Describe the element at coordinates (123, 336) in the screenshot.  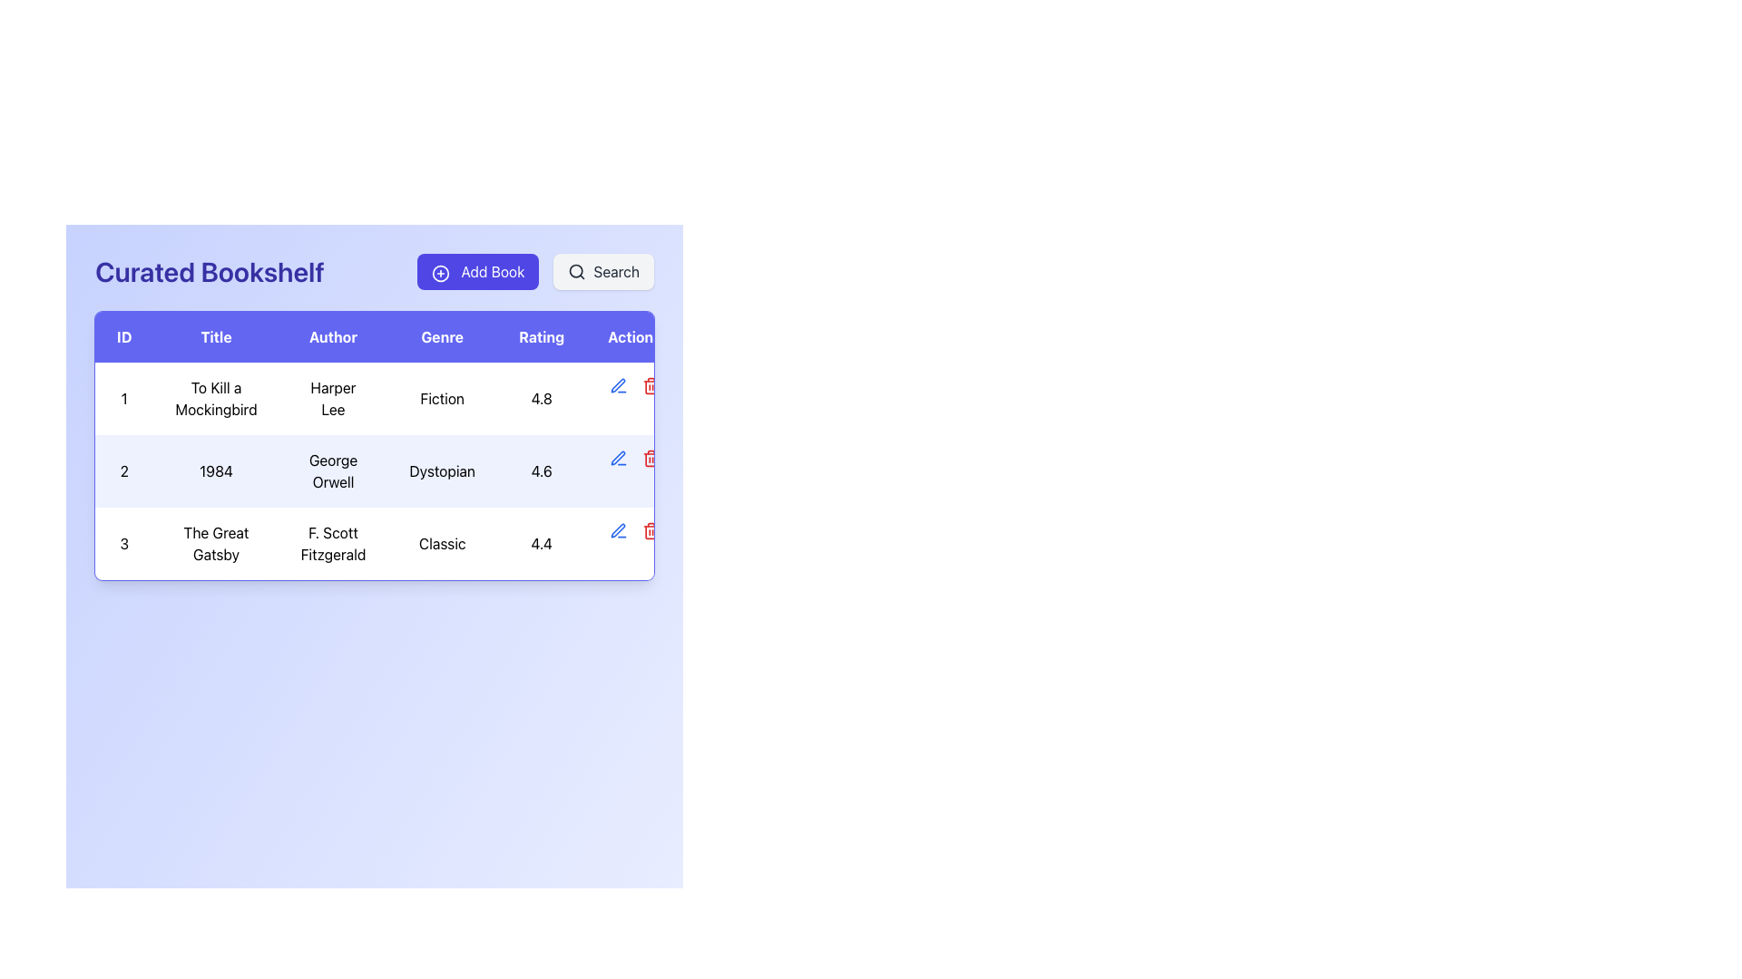
I see `the 'ID' column header of the table, which is the first column header located at the top-left corner of the table` at that location.